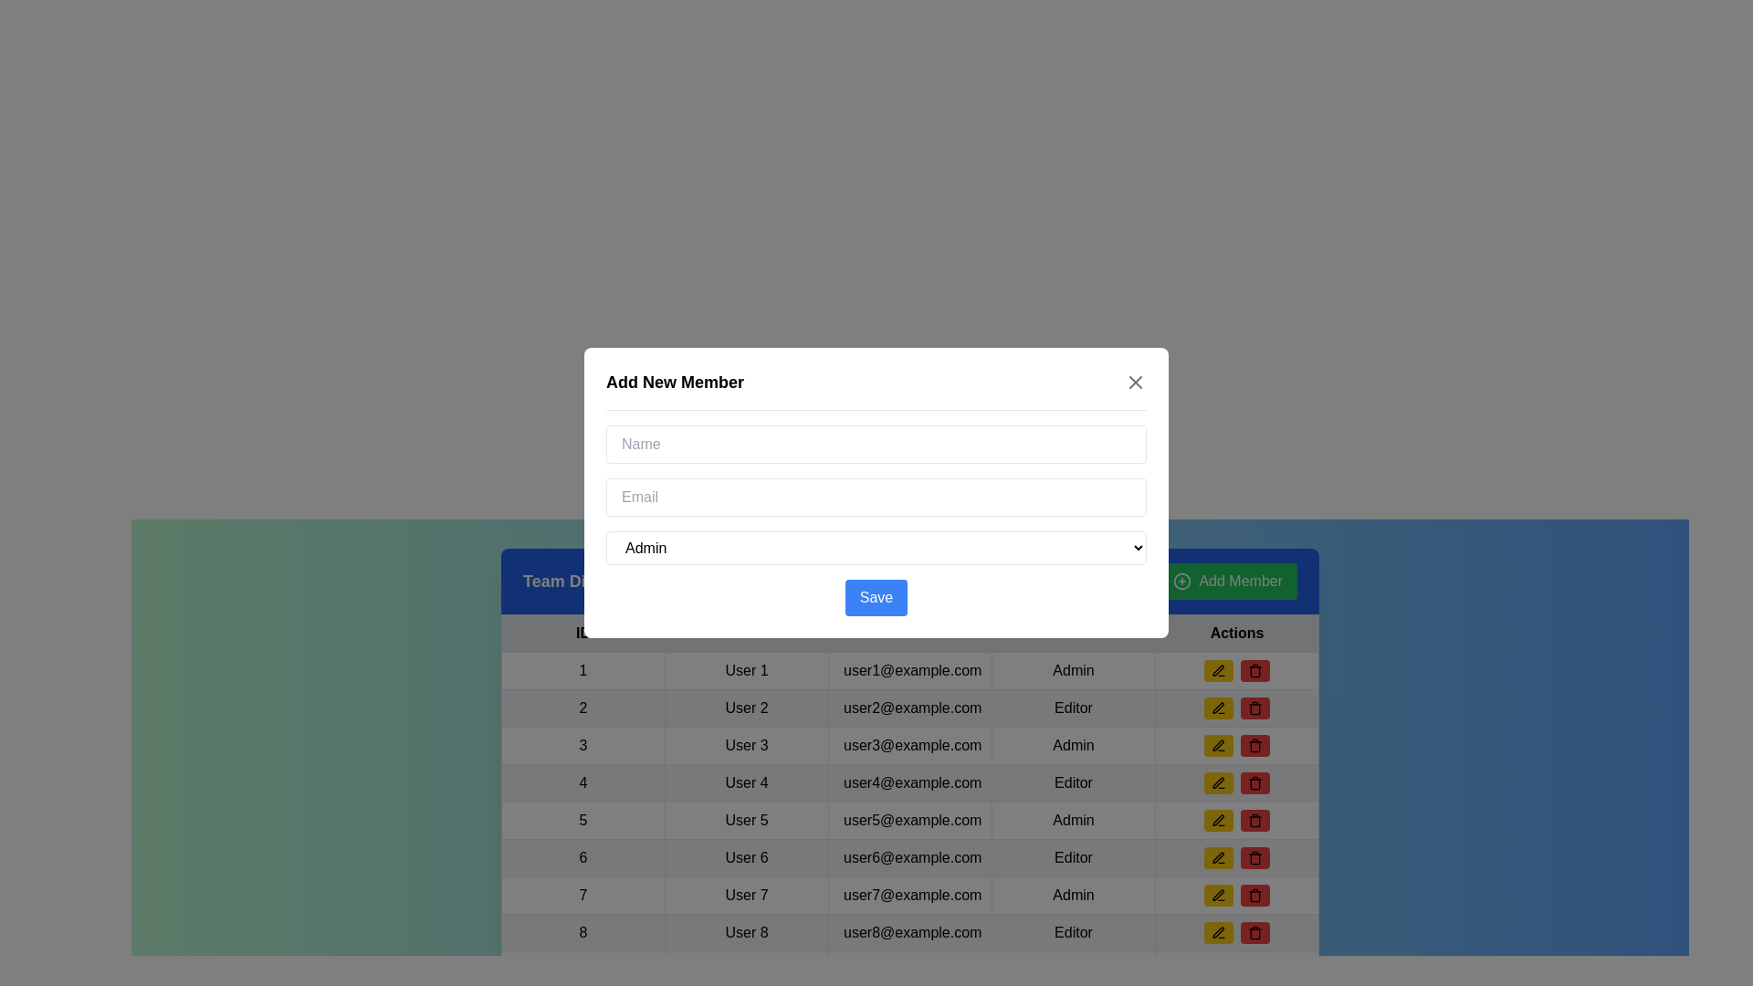 The image size is (1753, 986). Describe the element at coordinates (1218, 933) in the screenshot. I see `the edit icon` at that location.